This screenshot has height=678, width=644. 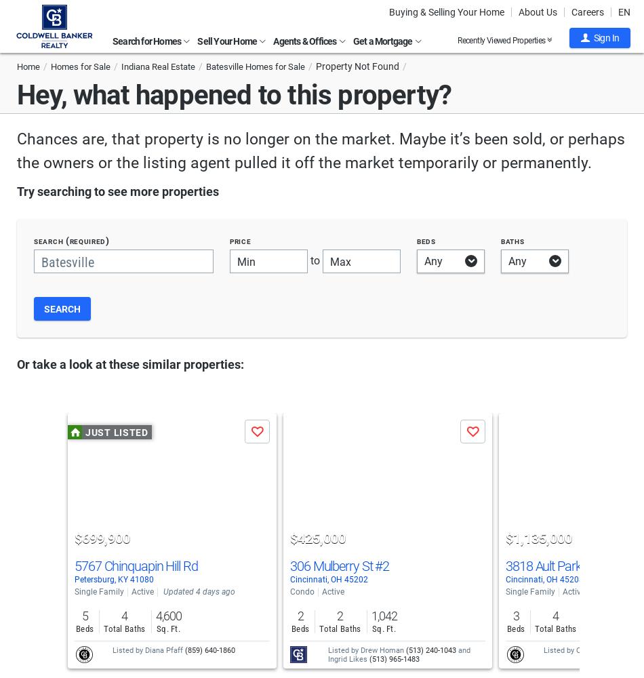 What do you see at coordinates (361, 649) in the screenshot?
I see `'Drew Homan'` at bounding box center [361, 649].